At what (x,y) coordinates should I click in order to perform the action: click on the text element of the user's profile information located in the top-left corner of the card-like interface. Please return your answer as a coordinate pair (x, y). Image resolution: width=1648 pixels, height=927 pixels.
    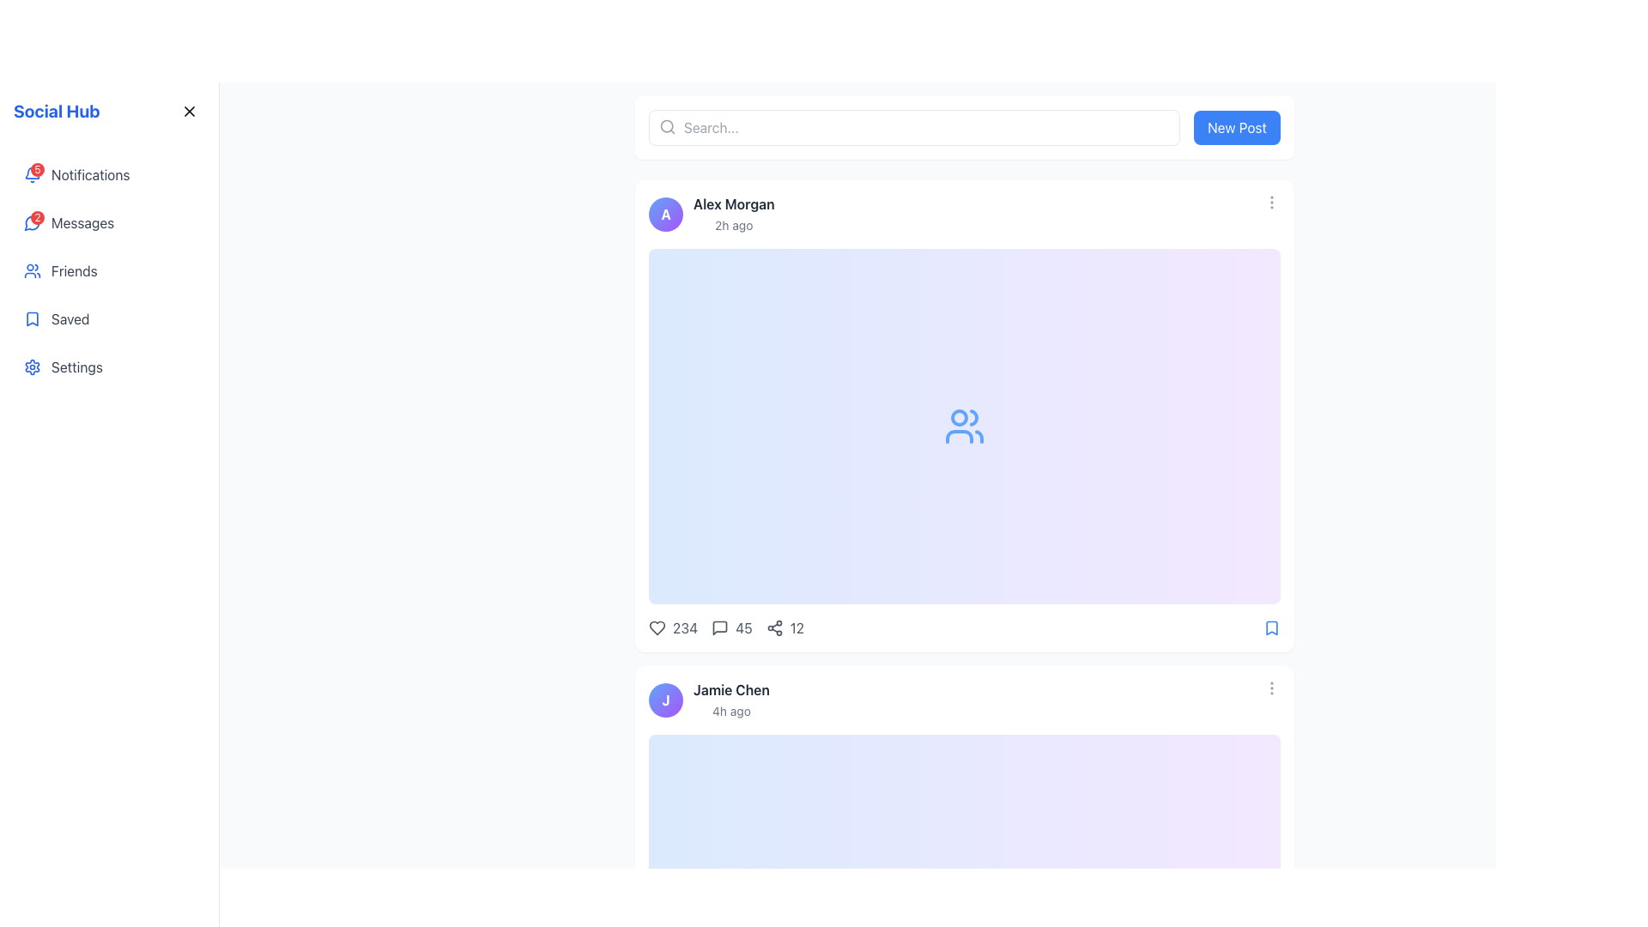
    Looking at the image, I should click on (712, 214).